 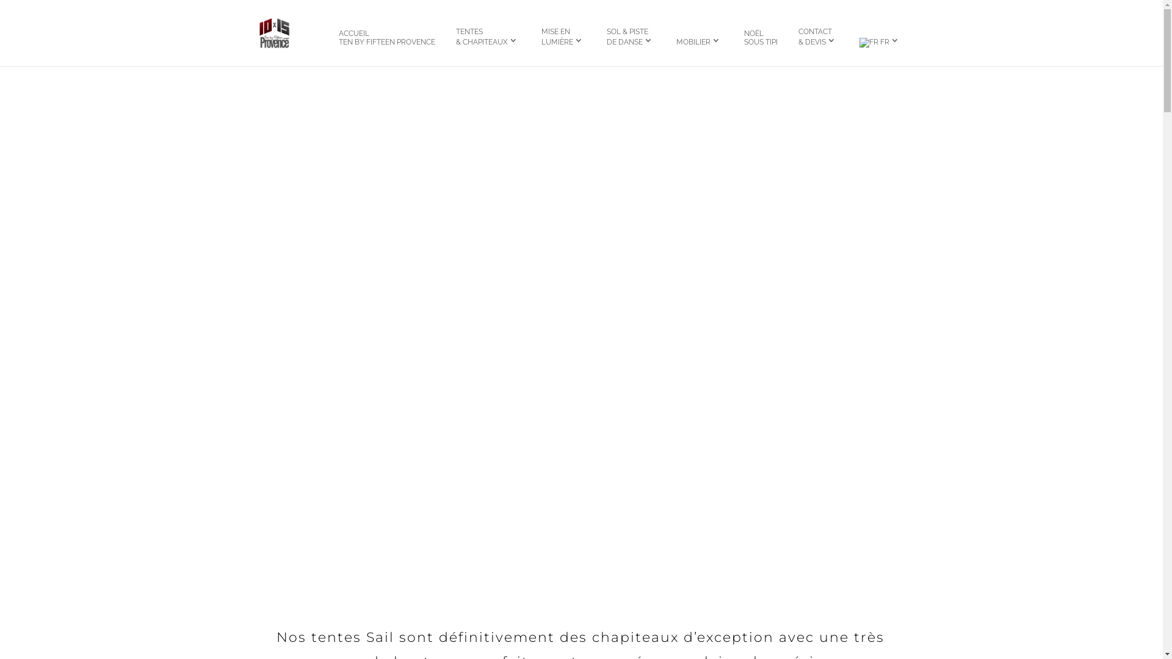 I want to click on 'CONTACT, so click(x=817, y=41).